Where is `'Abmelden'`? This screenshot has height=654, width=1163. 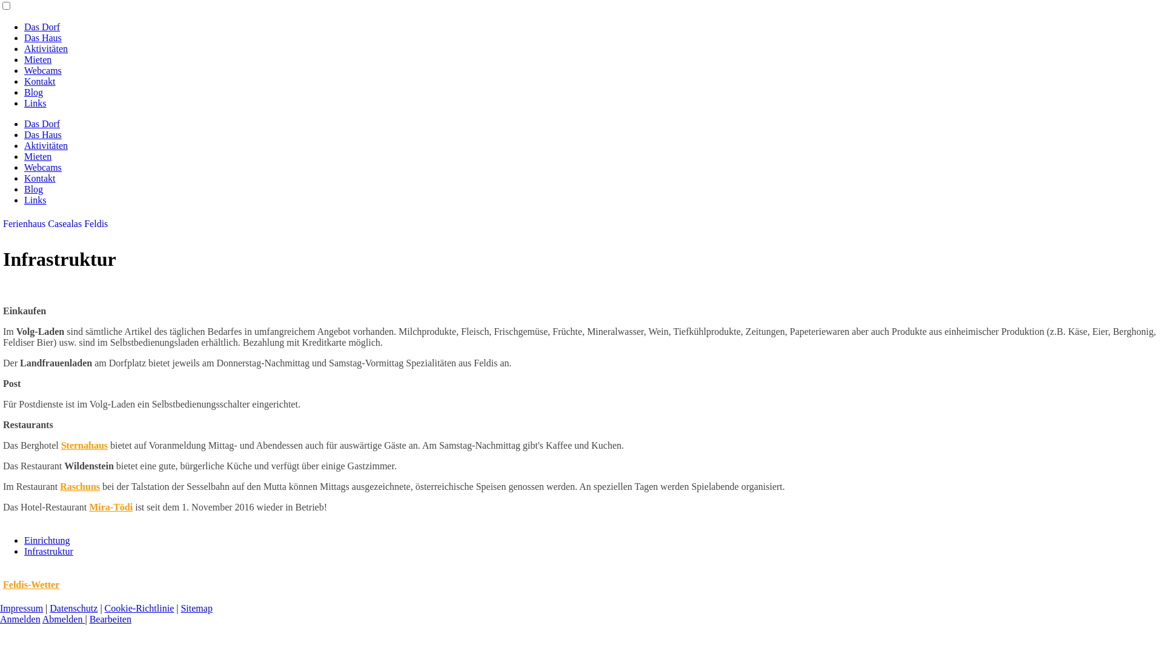 'Abmelden' is located at coordinates (63, 619).